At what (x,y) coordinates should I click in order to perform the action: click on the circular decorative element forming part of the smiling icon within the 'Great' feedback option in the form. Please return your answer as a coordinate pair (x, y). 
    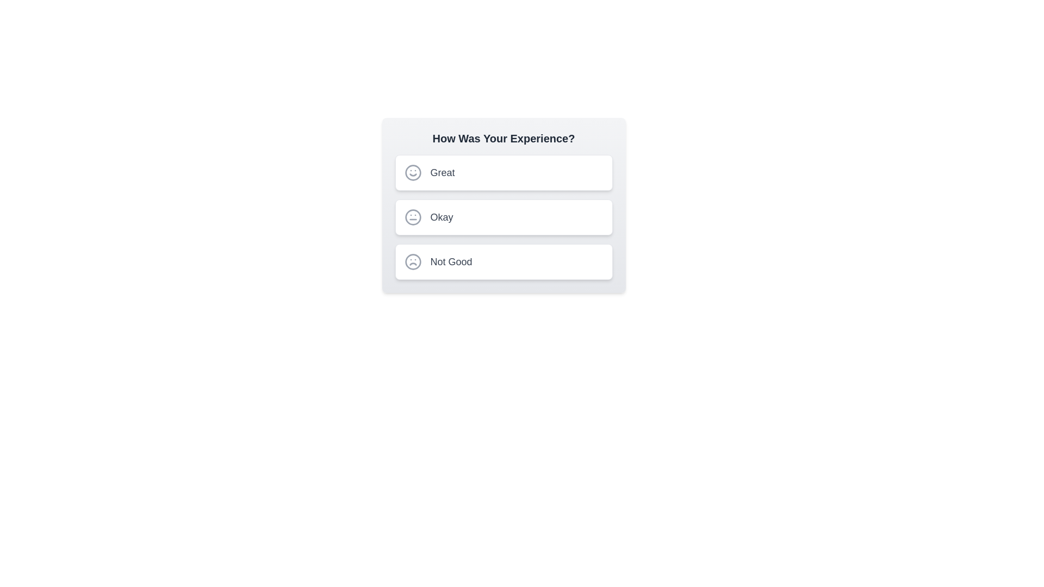
    Looking at the image, I should click on (412, 172).